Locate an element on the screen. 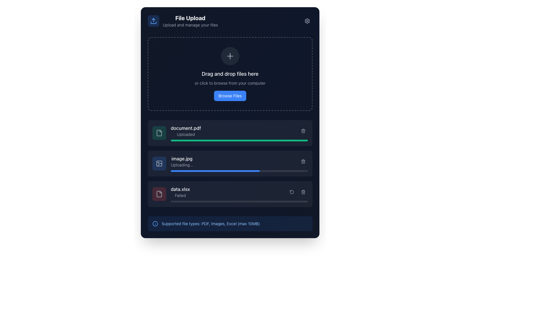  the icon representing the file type or status for 'image.jpg', located in the top-left corner of its row, closely aligned with the text 'image.jpg' is located at coordinates (159, 163).